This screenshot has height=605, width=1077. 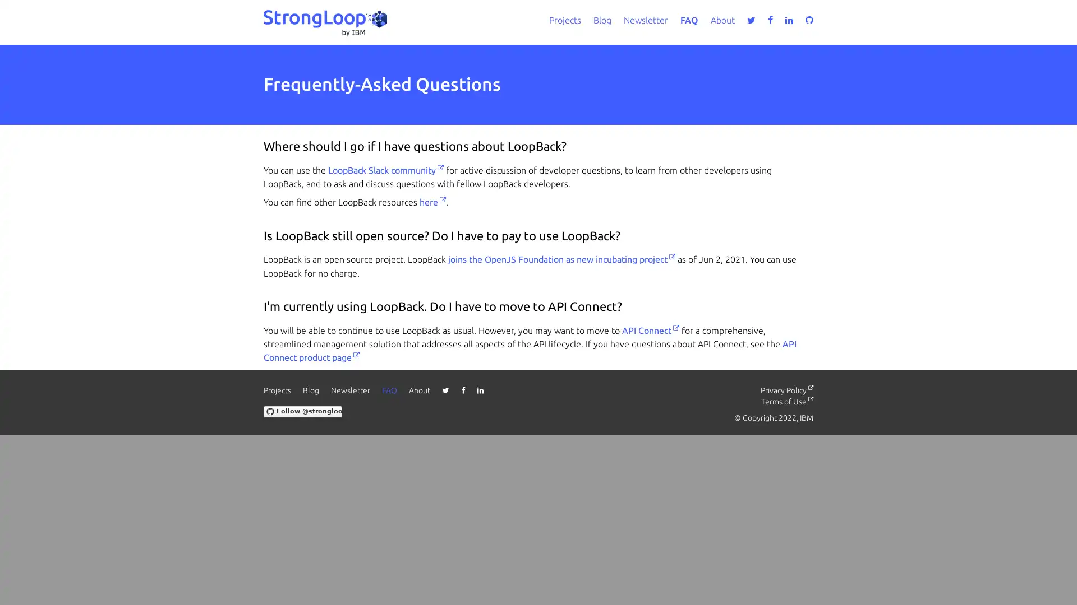 I want to click on close icon, so click(x=1068, y=520).